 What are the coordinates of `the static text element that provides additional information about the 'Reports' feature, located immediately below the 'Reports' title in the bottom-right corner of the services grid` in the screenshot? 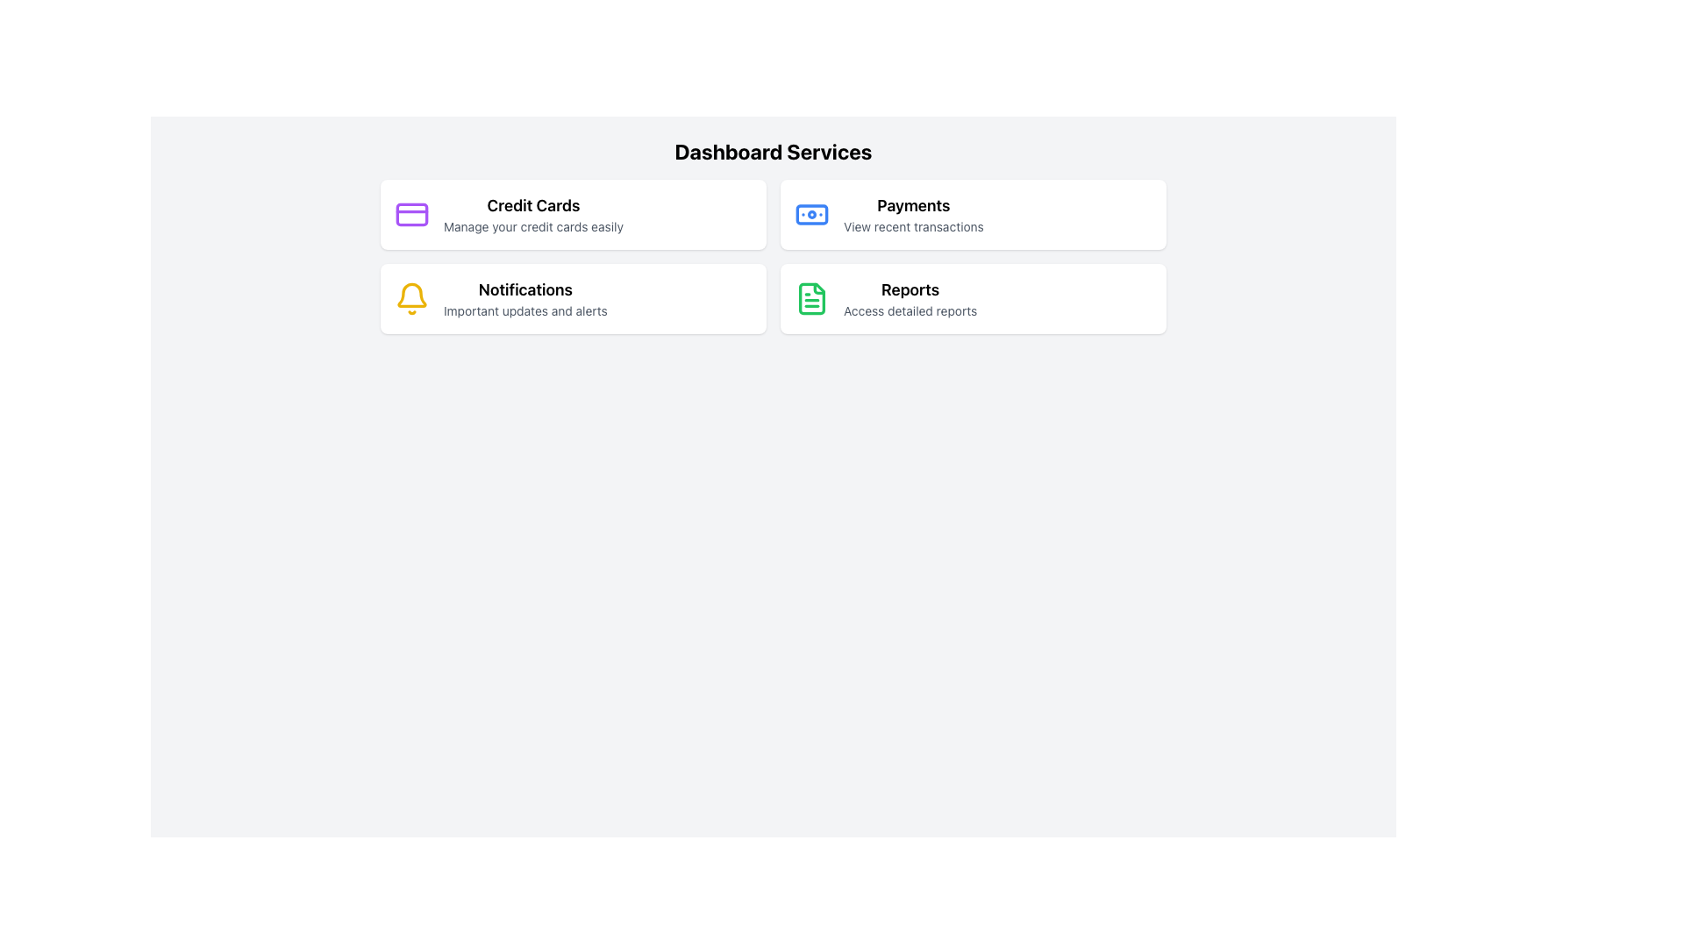 It's located at (910, 310).